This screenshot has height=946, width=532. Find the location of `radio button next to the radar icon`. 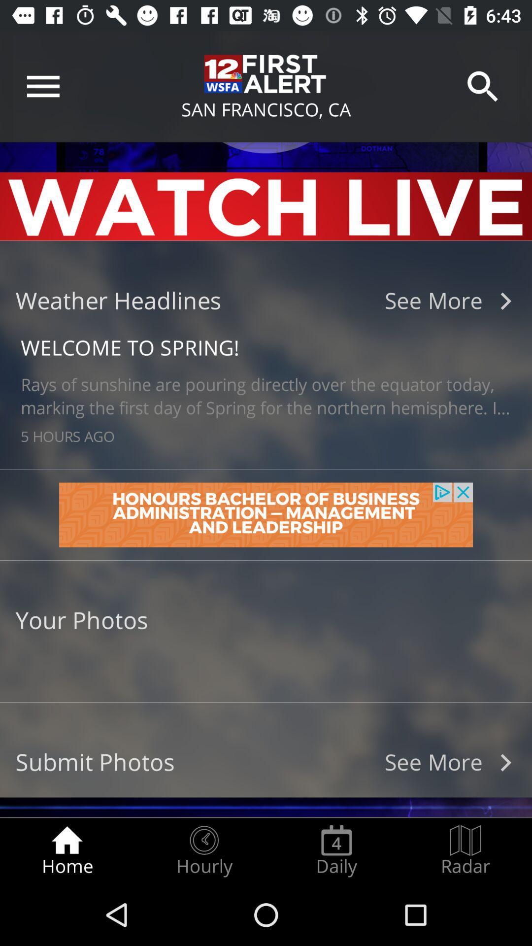

radio button next to the radar icon is located at coordinates (336, 850).